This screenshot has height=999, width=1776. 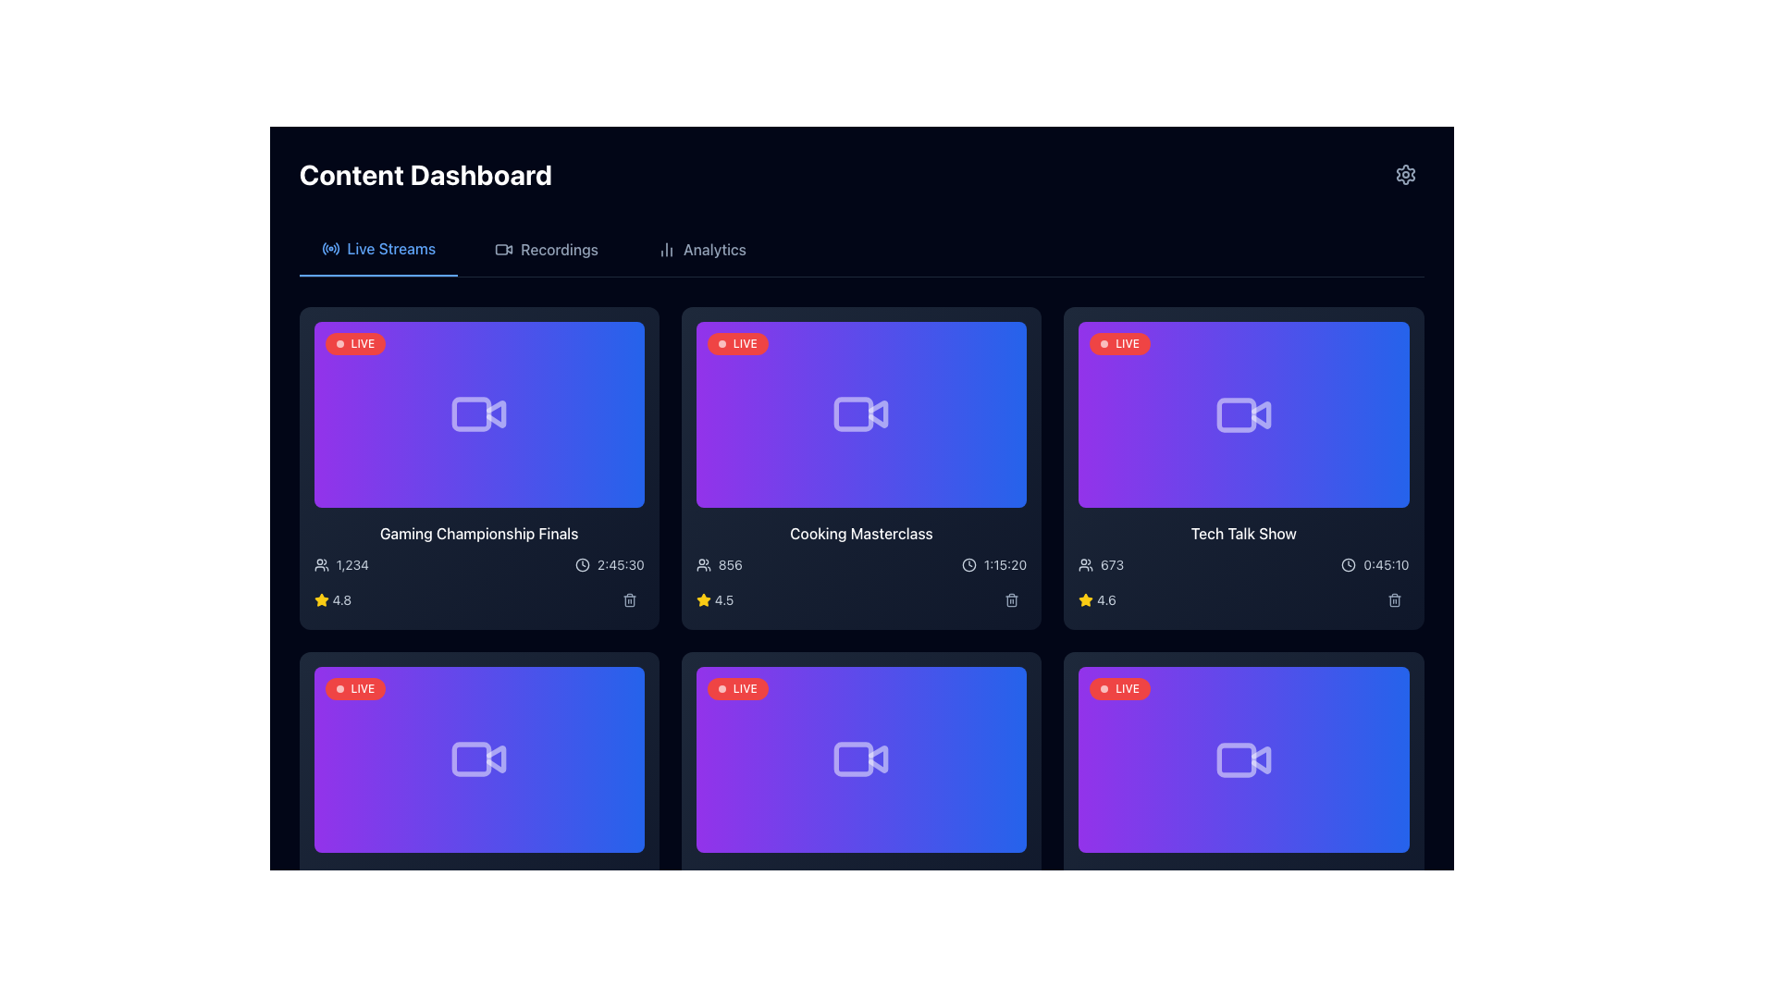 I want to click on the delete button located in the bottom-right corner of the 'Cooking Masterclass' card on the dashboard, so click(x=1011, y=599).